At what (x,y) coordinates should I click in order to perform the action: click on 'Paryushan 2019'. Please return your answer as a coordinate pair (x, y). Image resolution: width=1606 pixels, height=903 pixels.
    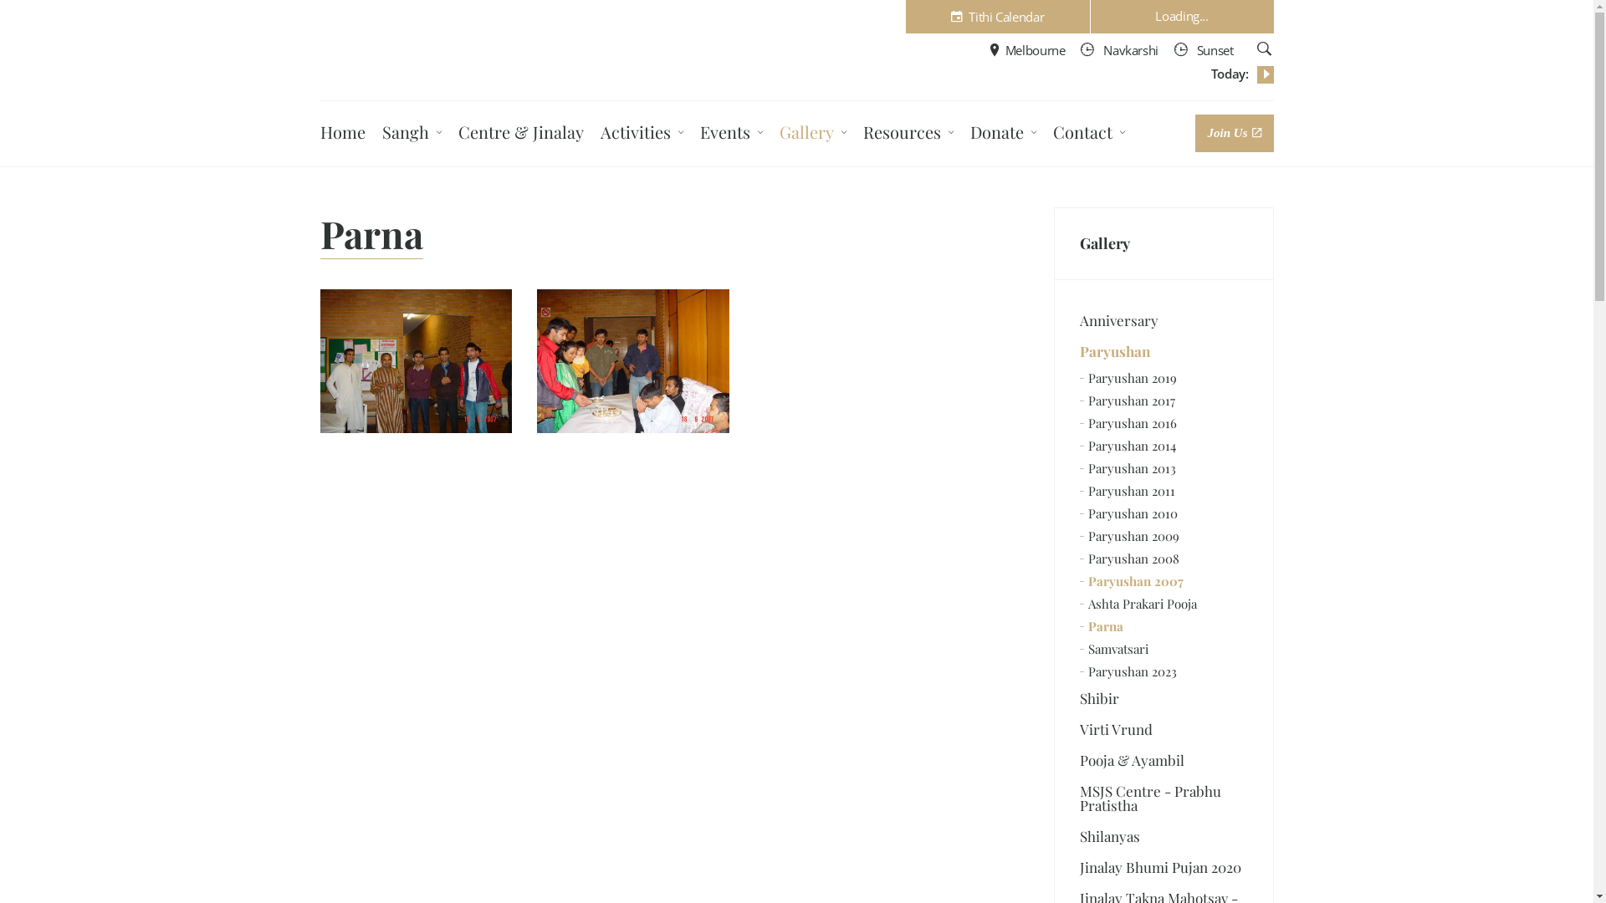
    Looking at the image, I should click on (1080, 378).